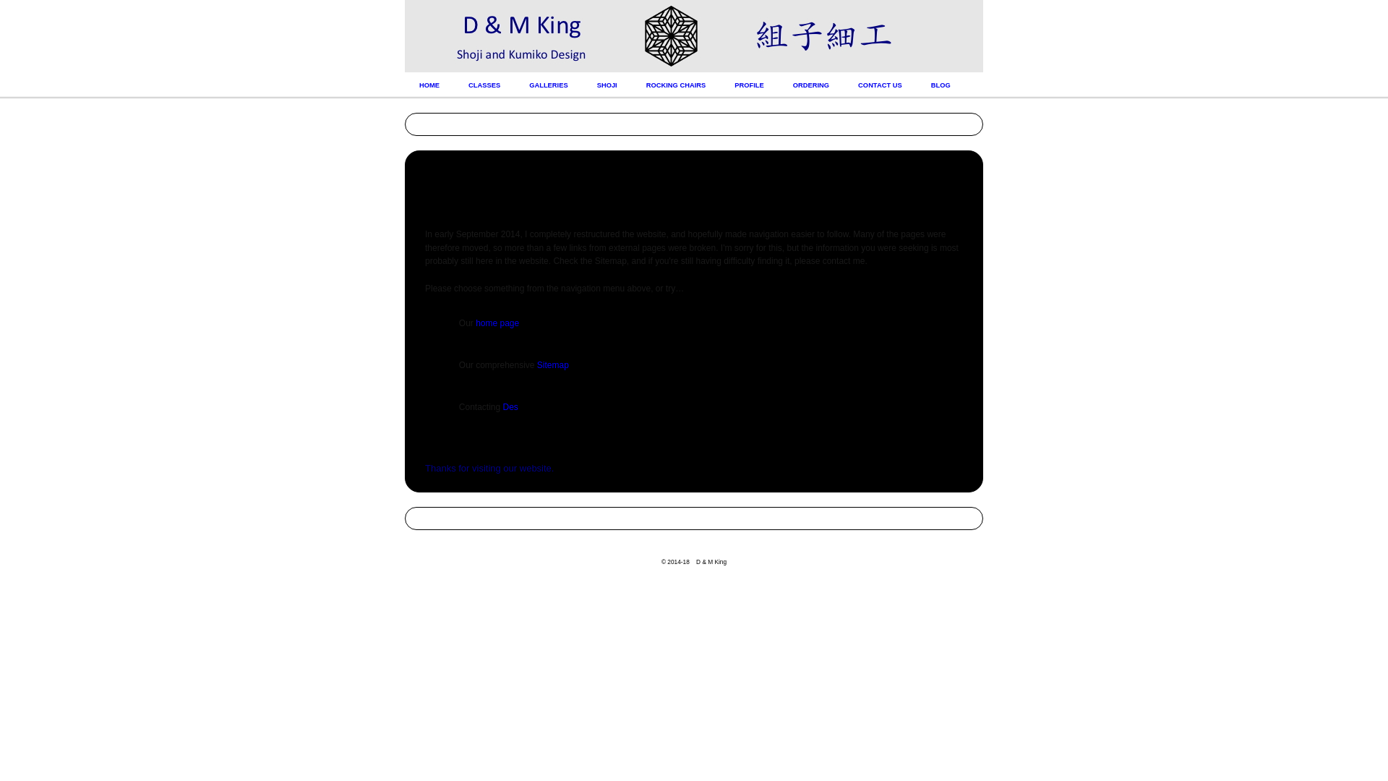 This screenshot has height=781, width=1388. I want to click on 'PROFILE', so click(749, 85).